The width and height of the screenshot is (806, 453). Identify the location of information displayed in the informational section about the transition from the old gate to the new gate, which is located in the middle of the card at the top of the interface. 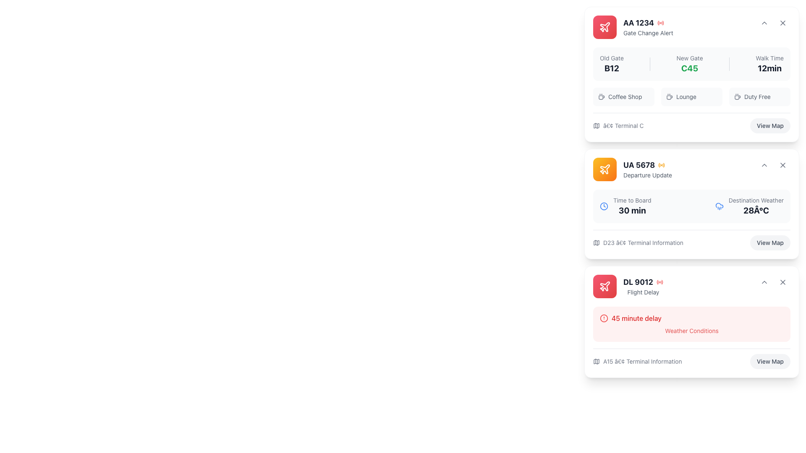
(691, 76).